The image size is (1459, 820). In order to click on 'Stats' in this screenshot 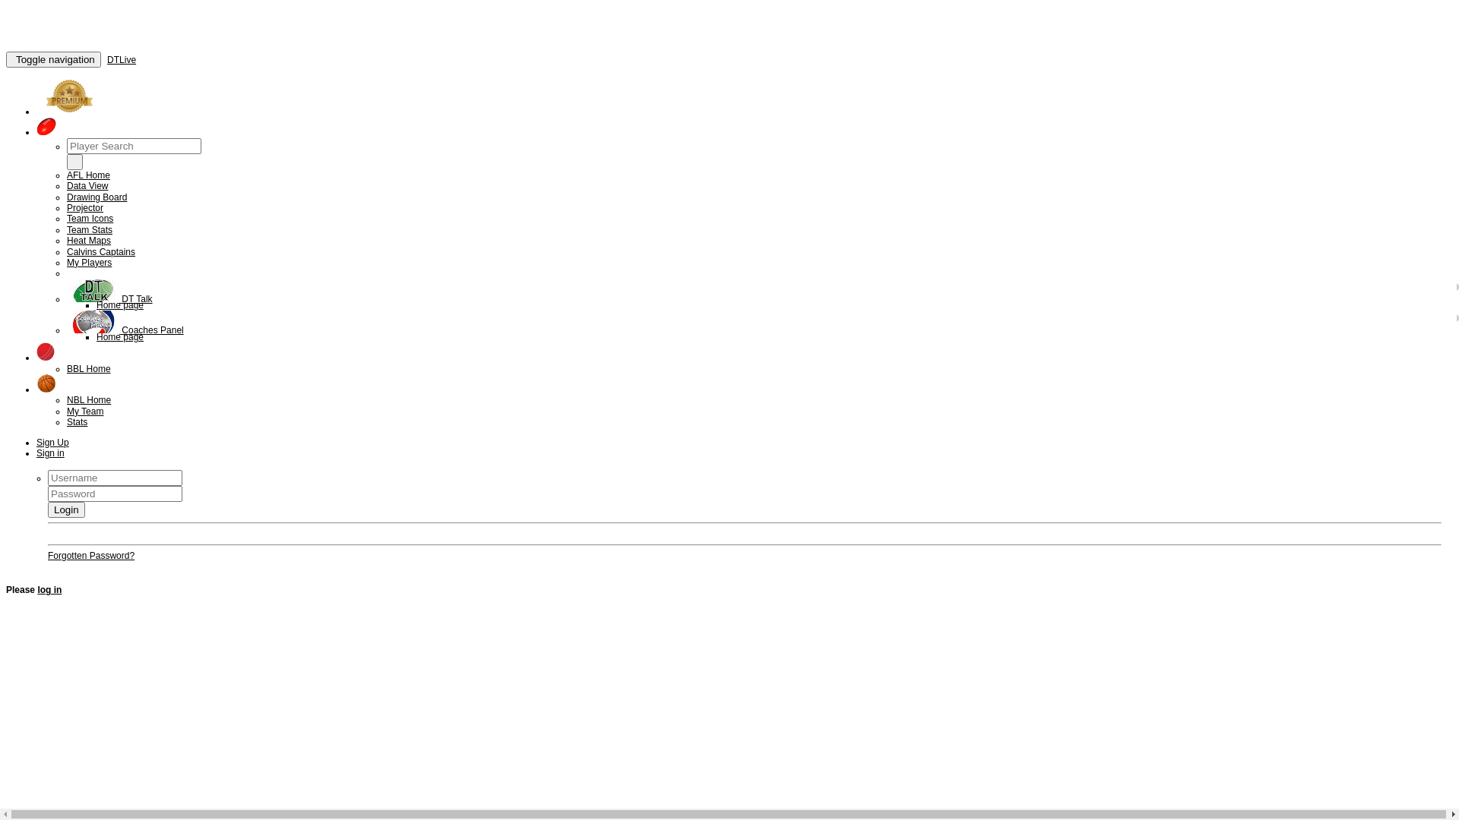, I will do `click(76, 421)`.